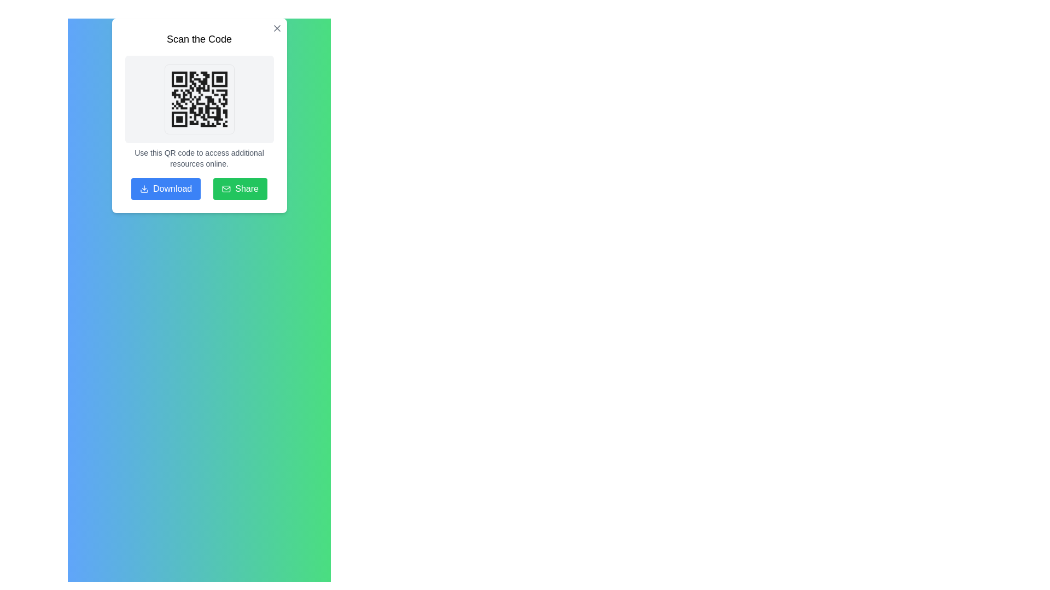 The height and width of the screenshot is (590, 1050). What do you see at coordinates (144, 188) in the screenshot?
I see `the 'Download' icon located to the left side of the 'Download' button in the bottom-left part of the modal window` at bounding box center [144, 188].